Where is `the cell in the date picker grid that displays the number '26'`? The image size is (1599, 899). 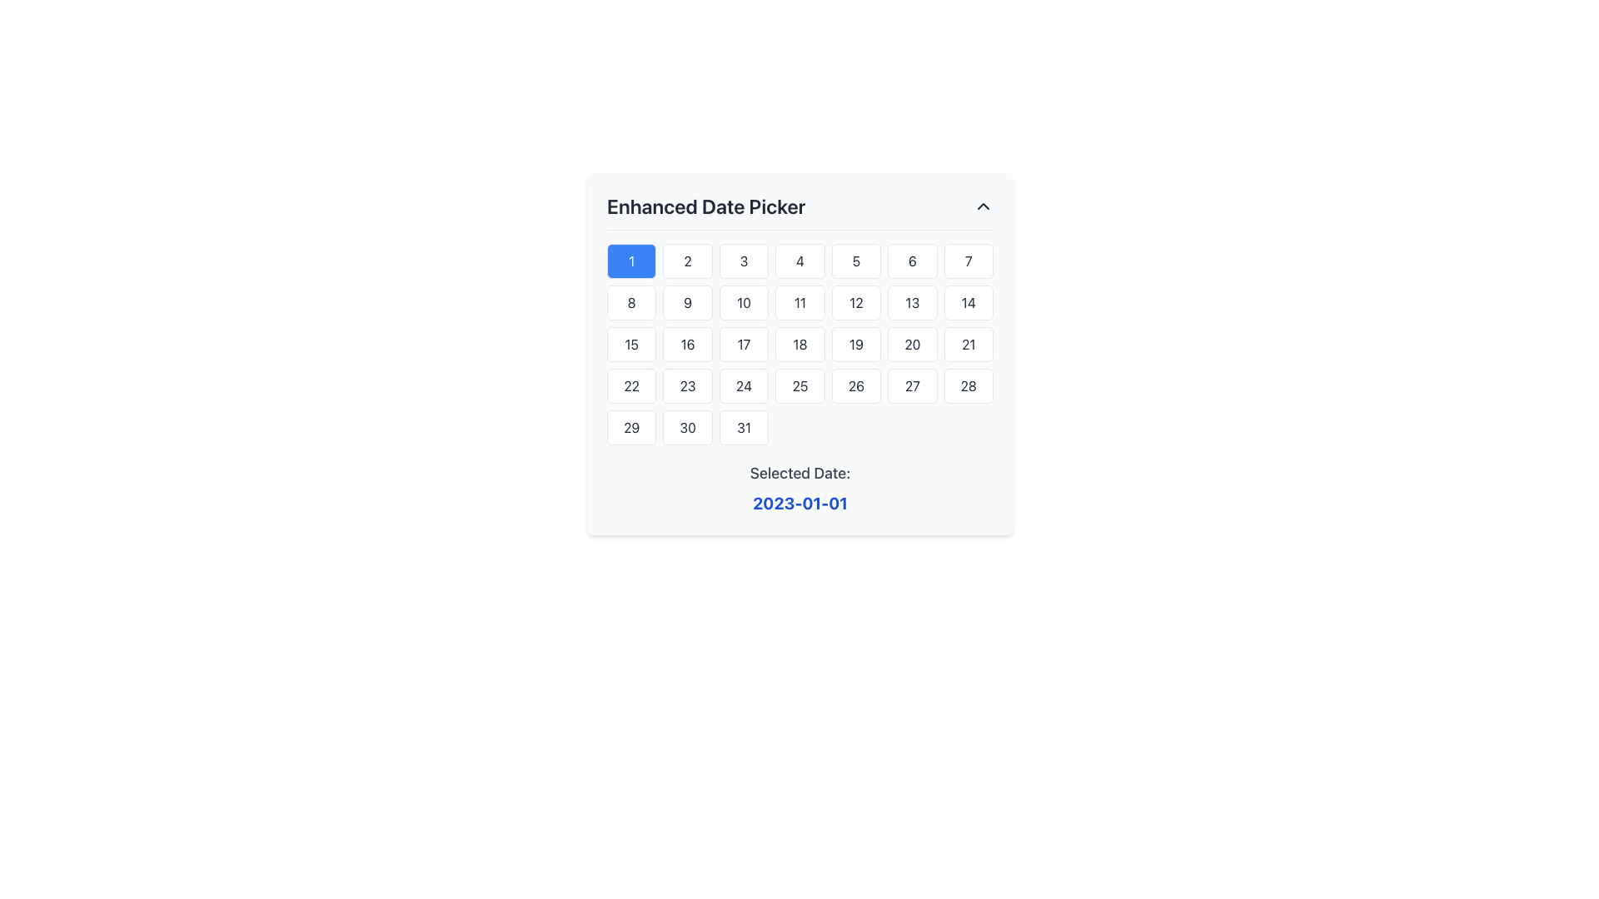 the cell in the date picker grid that displays the number '26' is located at coordinates (856, 385).